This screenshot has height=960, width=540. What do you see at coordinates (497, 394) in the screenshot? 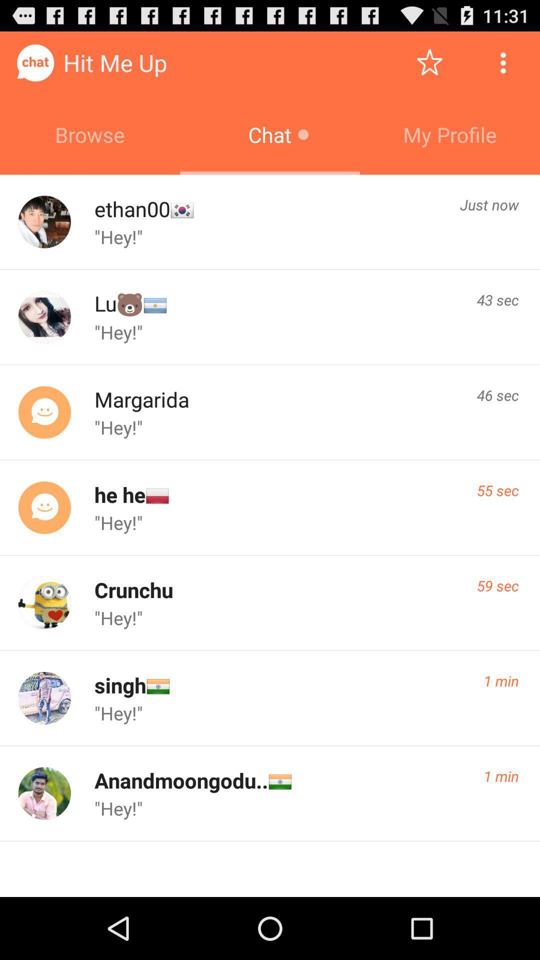
I see `item to the right of margarida` at bounding box center [497, 394].